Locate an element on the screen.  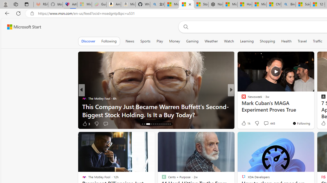
'Traffic' is located at coordinates (317, 41).